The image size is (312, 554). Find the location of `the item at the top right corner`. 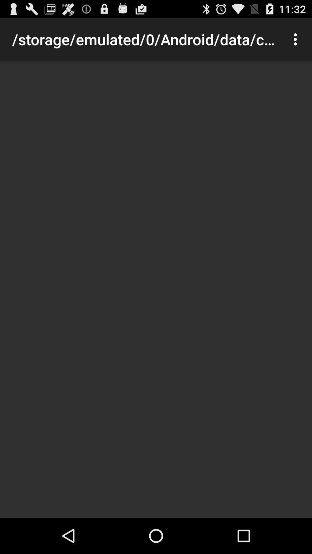

the item at the top right corner is located at coordinates (297, 39).